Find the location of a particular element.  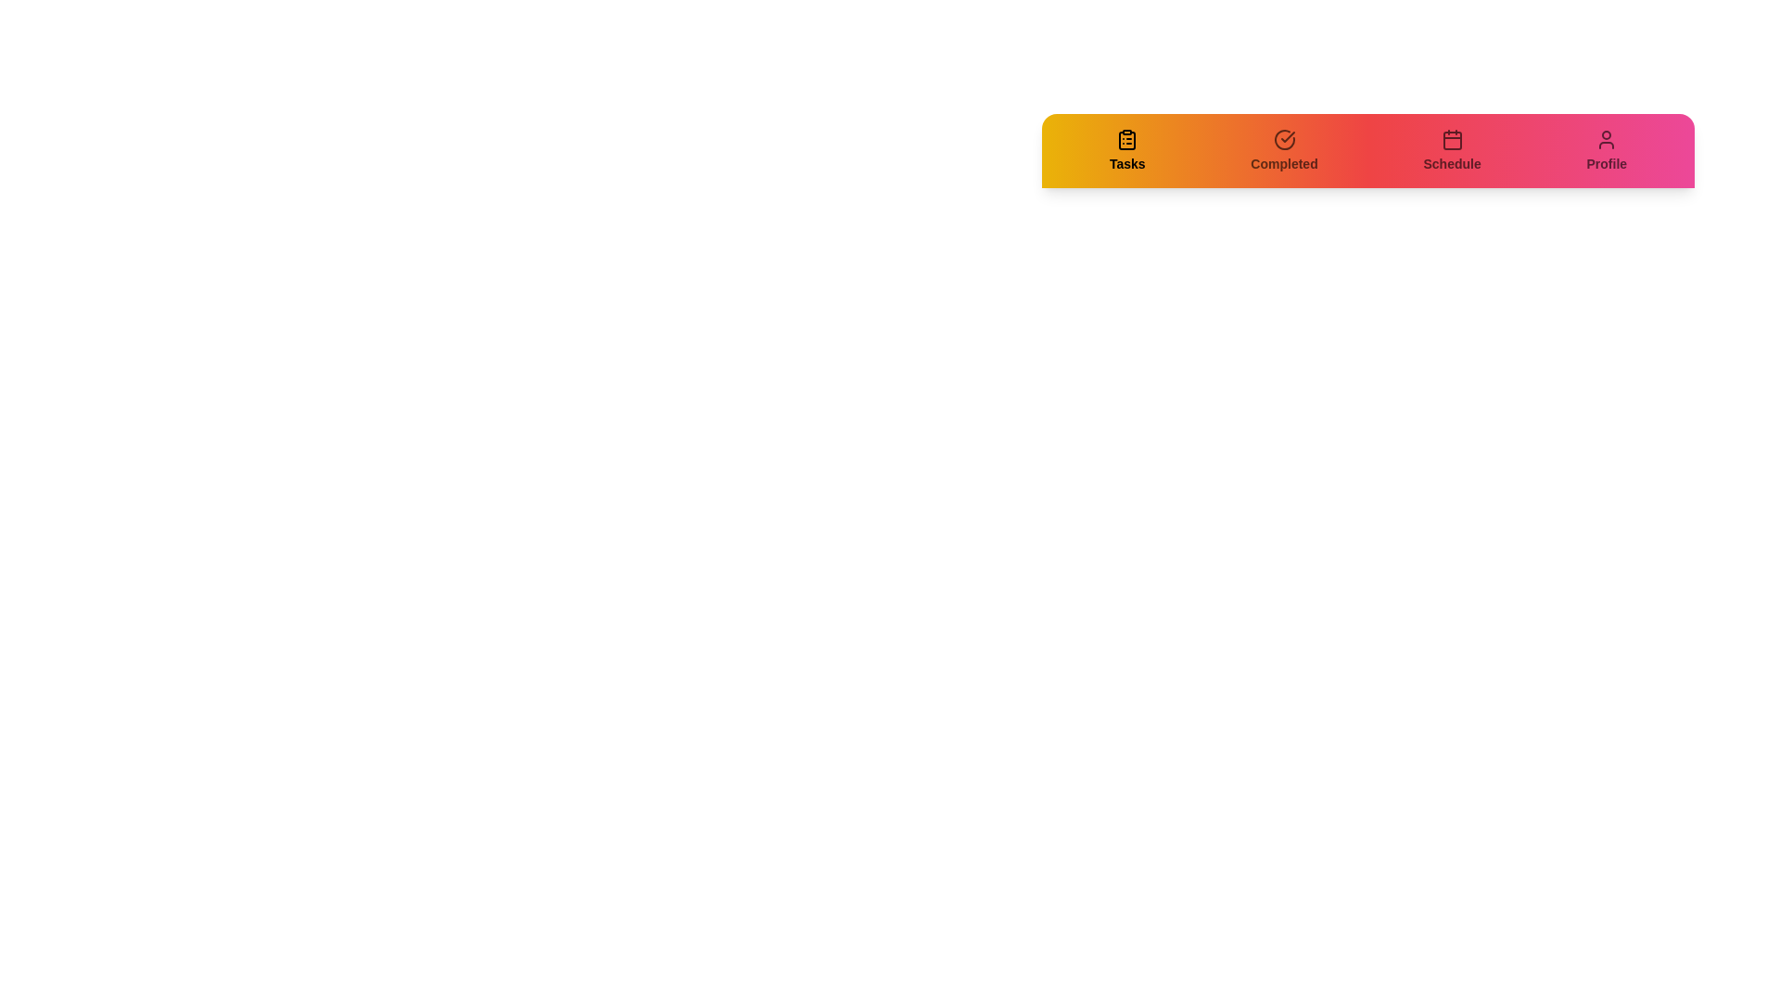

the tab labeled Completed to navigate to its respective section is located at coordinates (1283, 149).